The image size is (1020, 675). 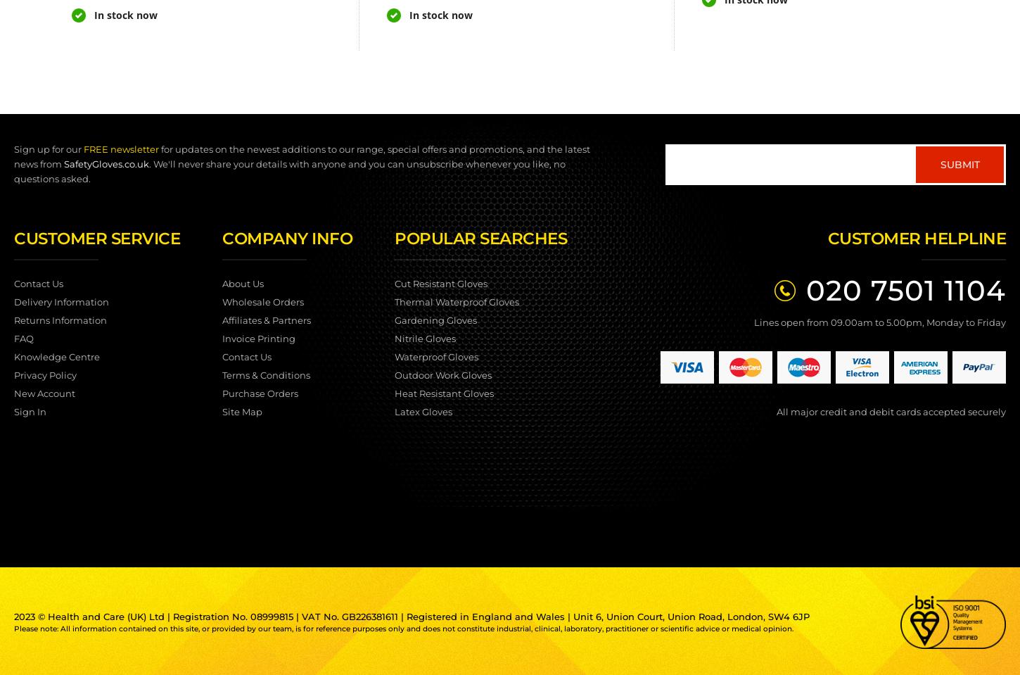 What do you see at coordinates (288, 171) in the screenshot?
I see `'. We'll never share your details with anyone and you can unsubscribe whenever you like, no questions asked.'` at bounding box center [288, 171].